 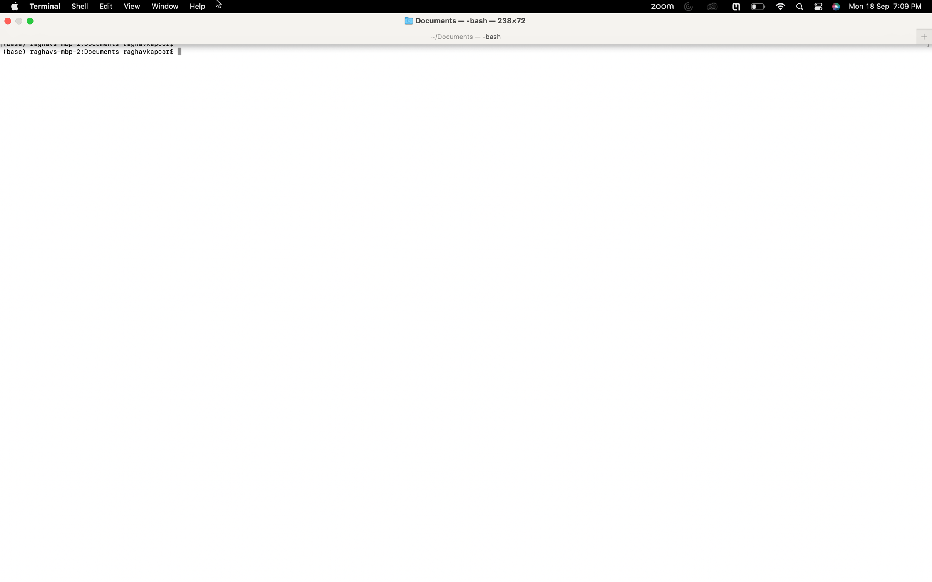 I want to click on Using help options tab, direct the system to the settings, so click(x=198, y=7).